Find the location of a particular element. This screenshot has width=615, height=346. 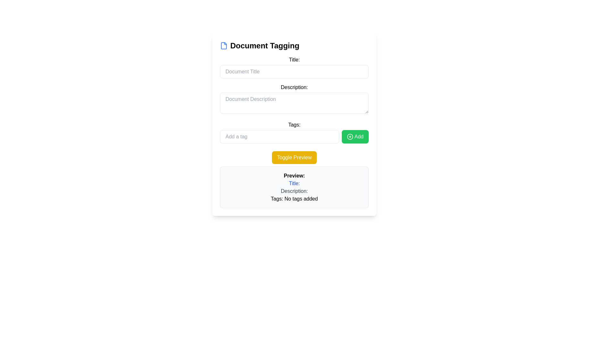

the button located to the right side of the 'Tags' input field in the 'Tags' section of the 'Document Tagging' form is located at coordinates (355, 136).